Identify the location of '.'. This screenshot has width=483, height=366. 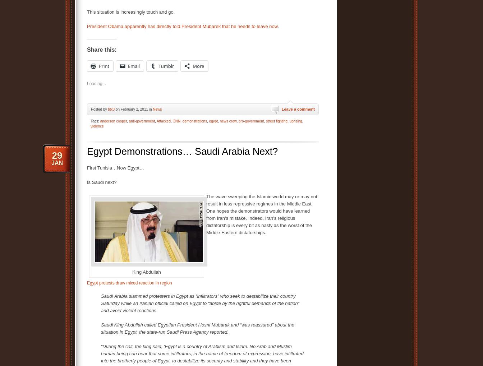
(277, 26).